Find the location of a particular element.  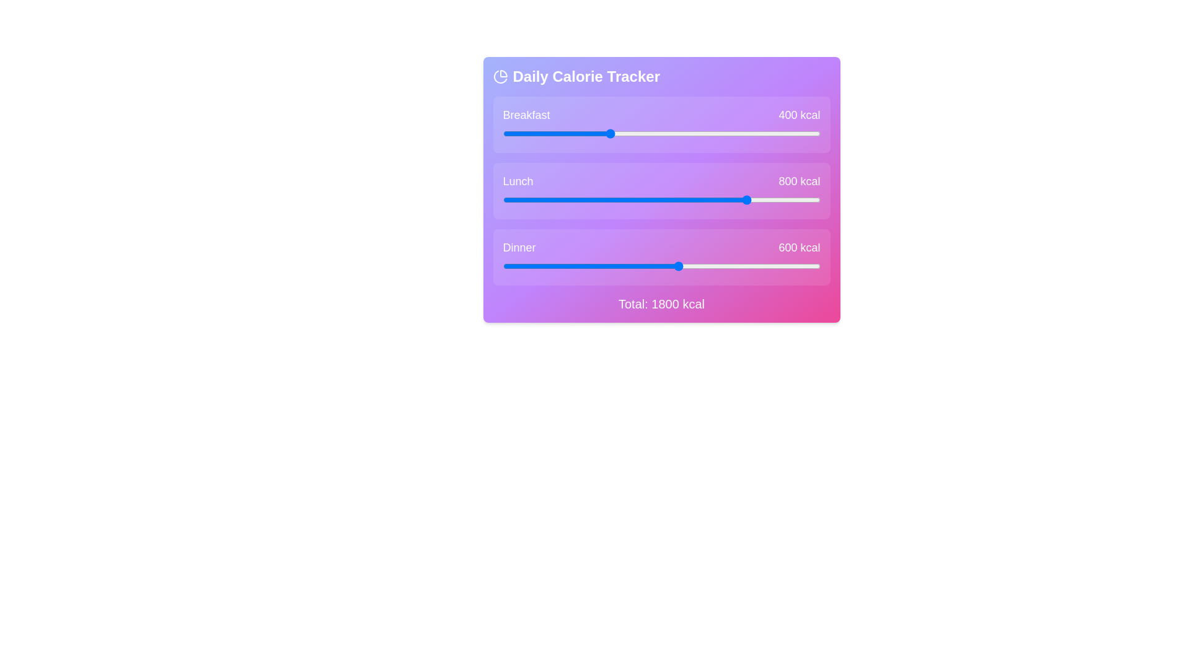

the dinner calorie value is located at coordinates (762, 265).